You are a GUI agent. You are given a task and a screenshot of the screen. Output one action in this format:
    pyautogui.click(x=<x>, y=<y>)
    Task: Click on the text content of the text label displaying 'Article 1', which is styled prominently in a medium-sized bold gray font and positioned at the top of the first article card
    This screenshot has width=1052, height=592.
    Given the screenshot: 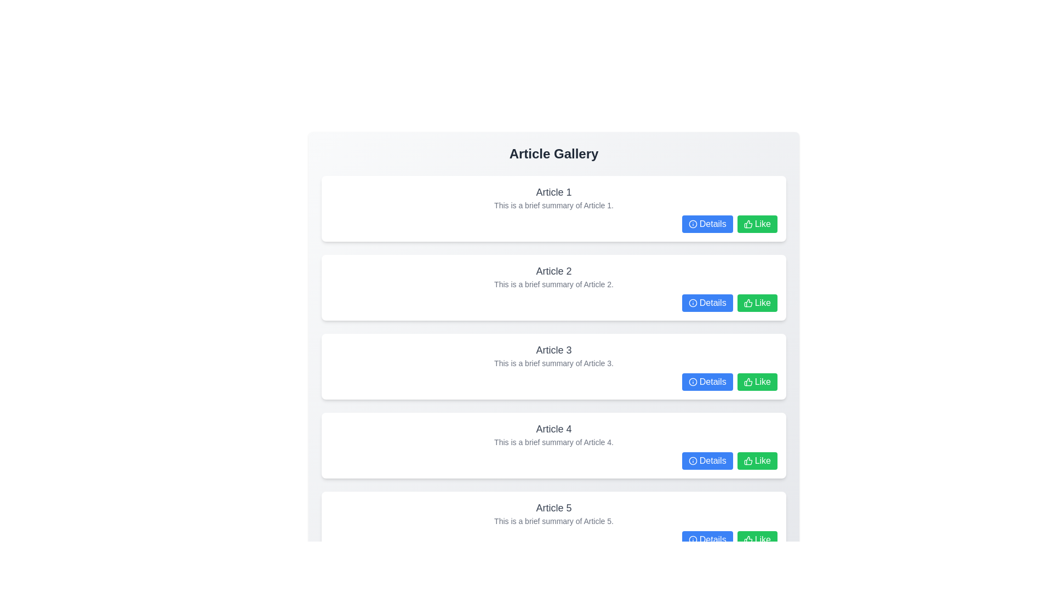 What is the action you would take?
    pyautogui.click(x=554, y=192)
    